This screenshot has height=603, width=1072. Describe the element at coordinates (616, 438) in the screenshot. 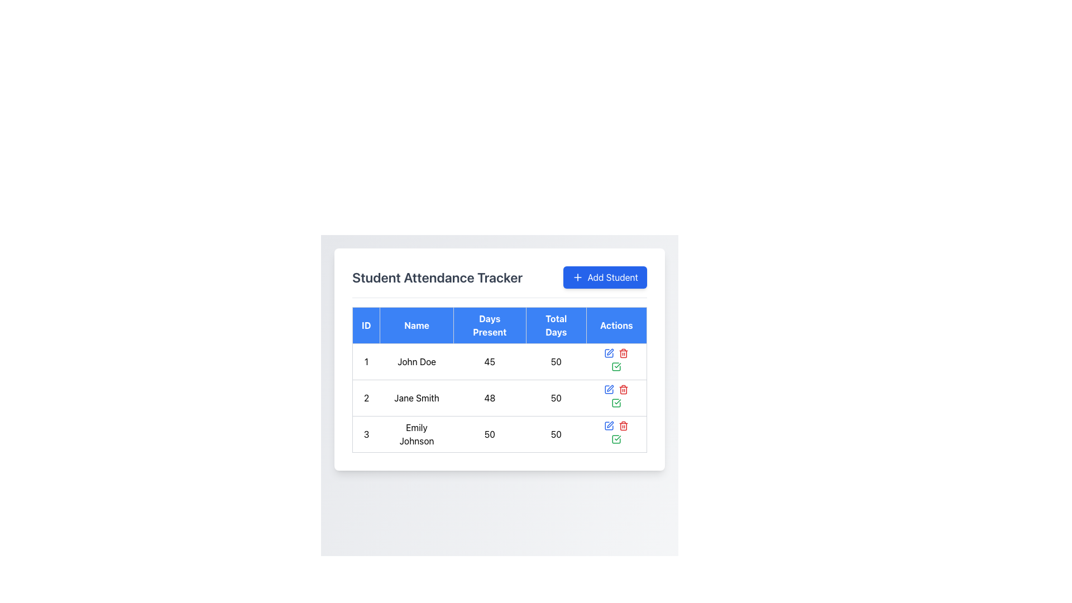

I see `the green checkmark icon in the 'Actions' column of the third row of the table` at that location.